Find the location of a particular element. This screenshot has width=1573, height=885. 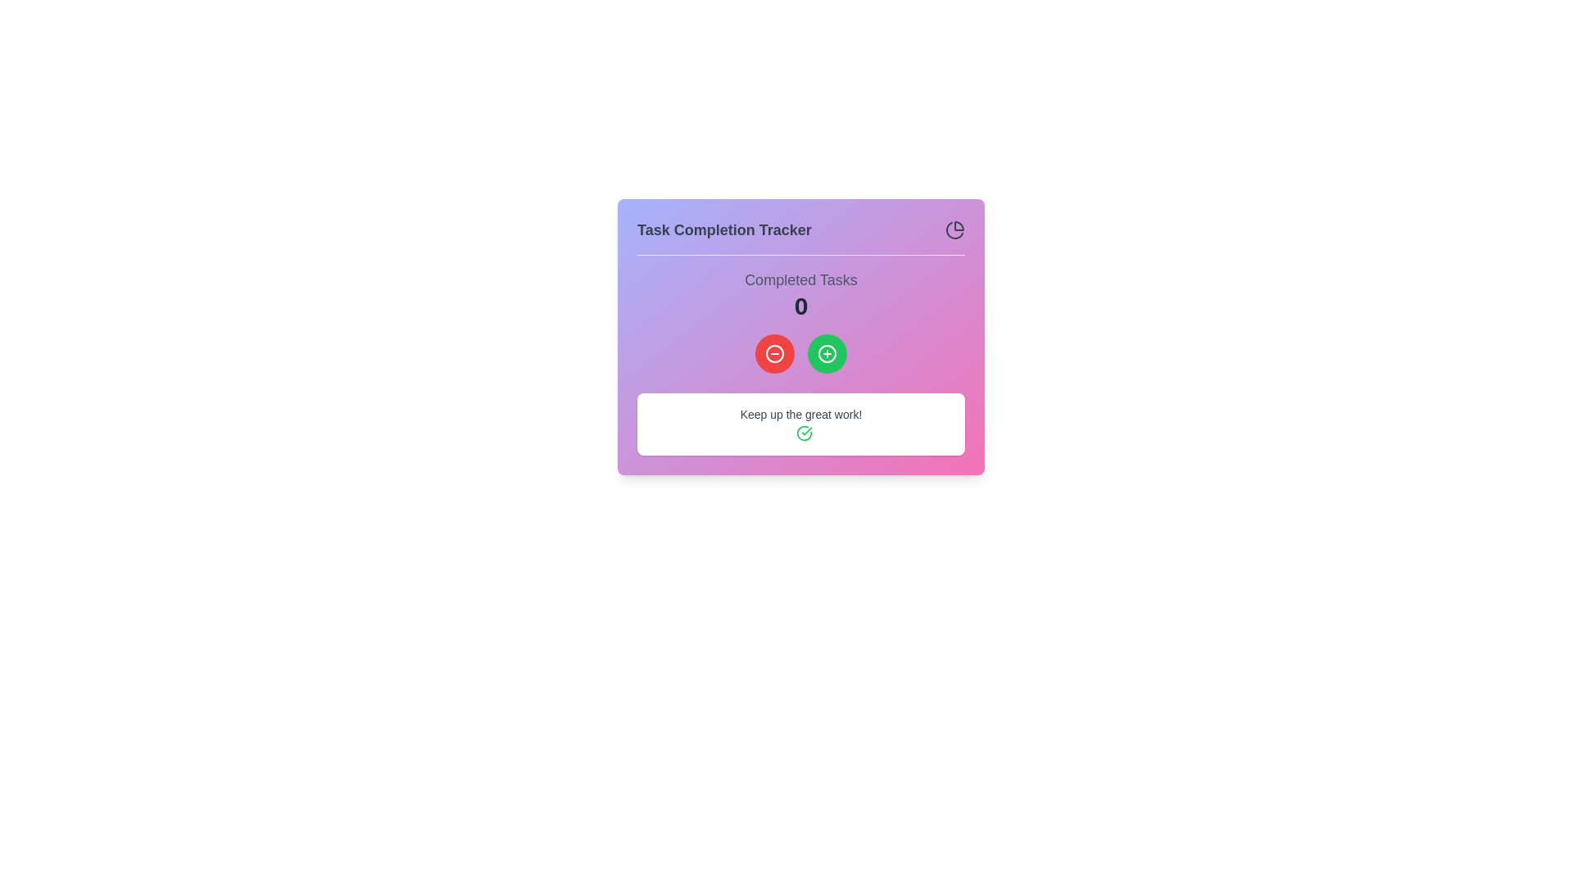

the circular green button with a white outline and a white plus sign in the center to activate its hover effect is located at coordinates (827, 353).